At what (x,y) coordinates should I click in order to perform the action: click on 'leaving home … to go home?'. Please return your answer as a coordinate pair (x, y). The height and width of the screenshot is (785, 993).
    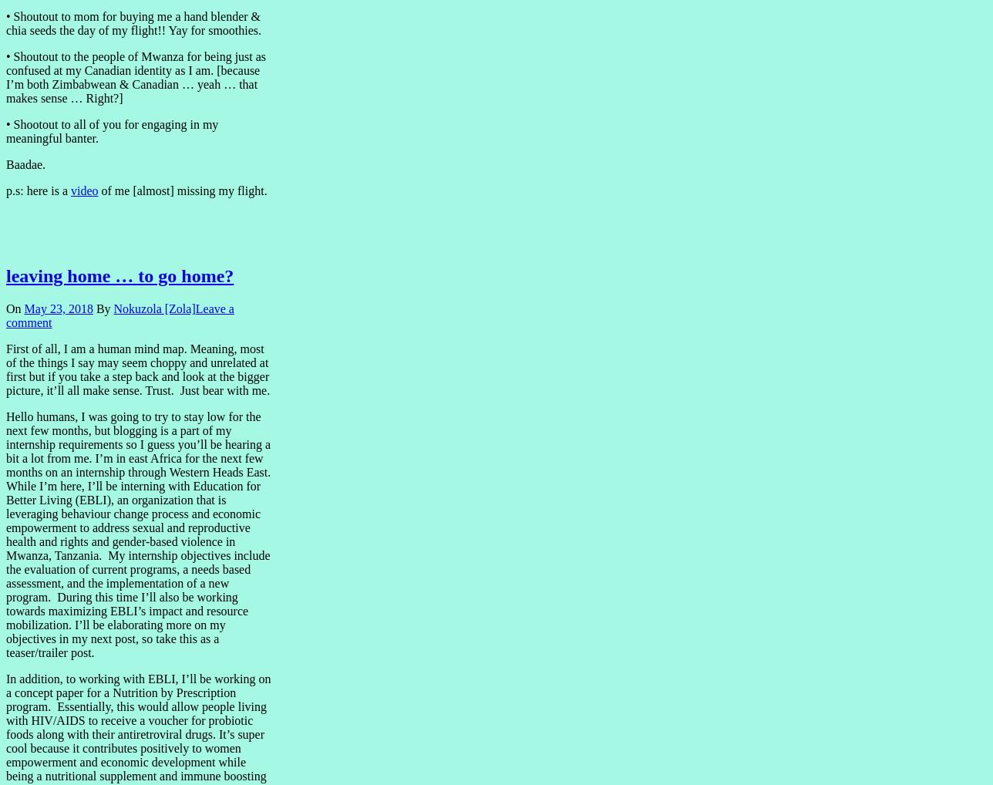
    Looking at the image, I should click on (119, 276).